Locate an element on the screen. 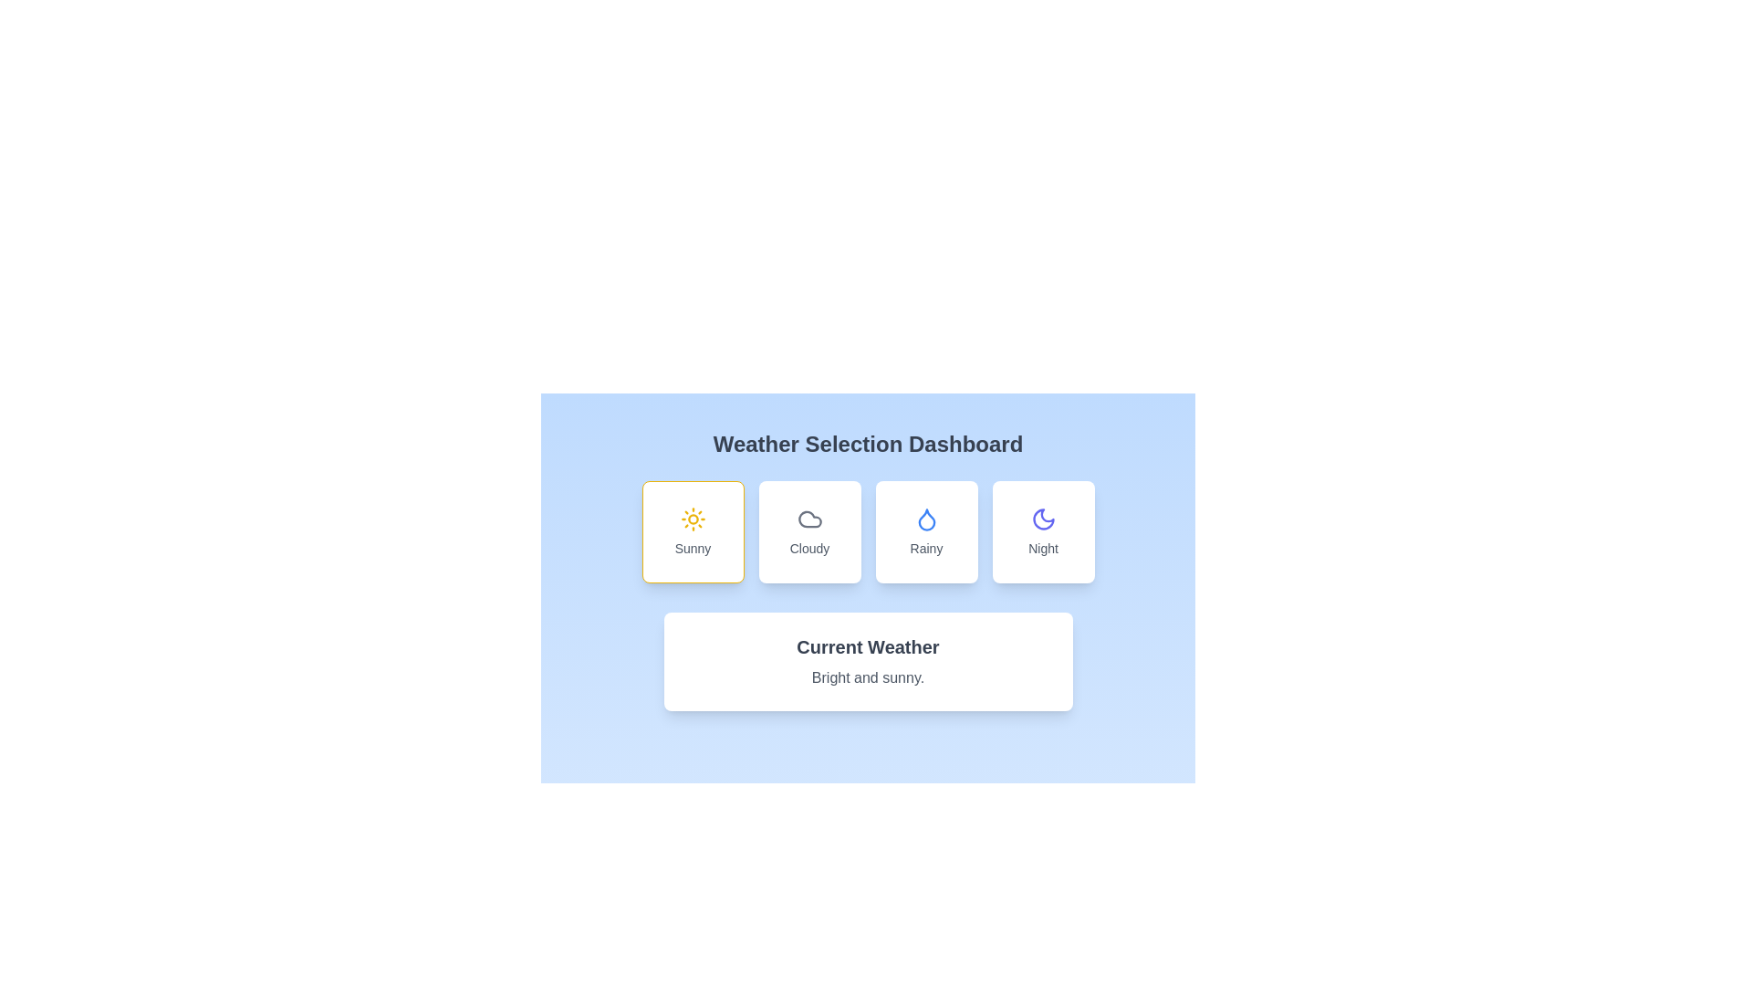 This screenshot has height=986, width=1752. text label displaying 'Cloudy' located at the bottom center of the second weather option card under the 'Weather Selection Dashboard' is located at coordinates (808, 548).